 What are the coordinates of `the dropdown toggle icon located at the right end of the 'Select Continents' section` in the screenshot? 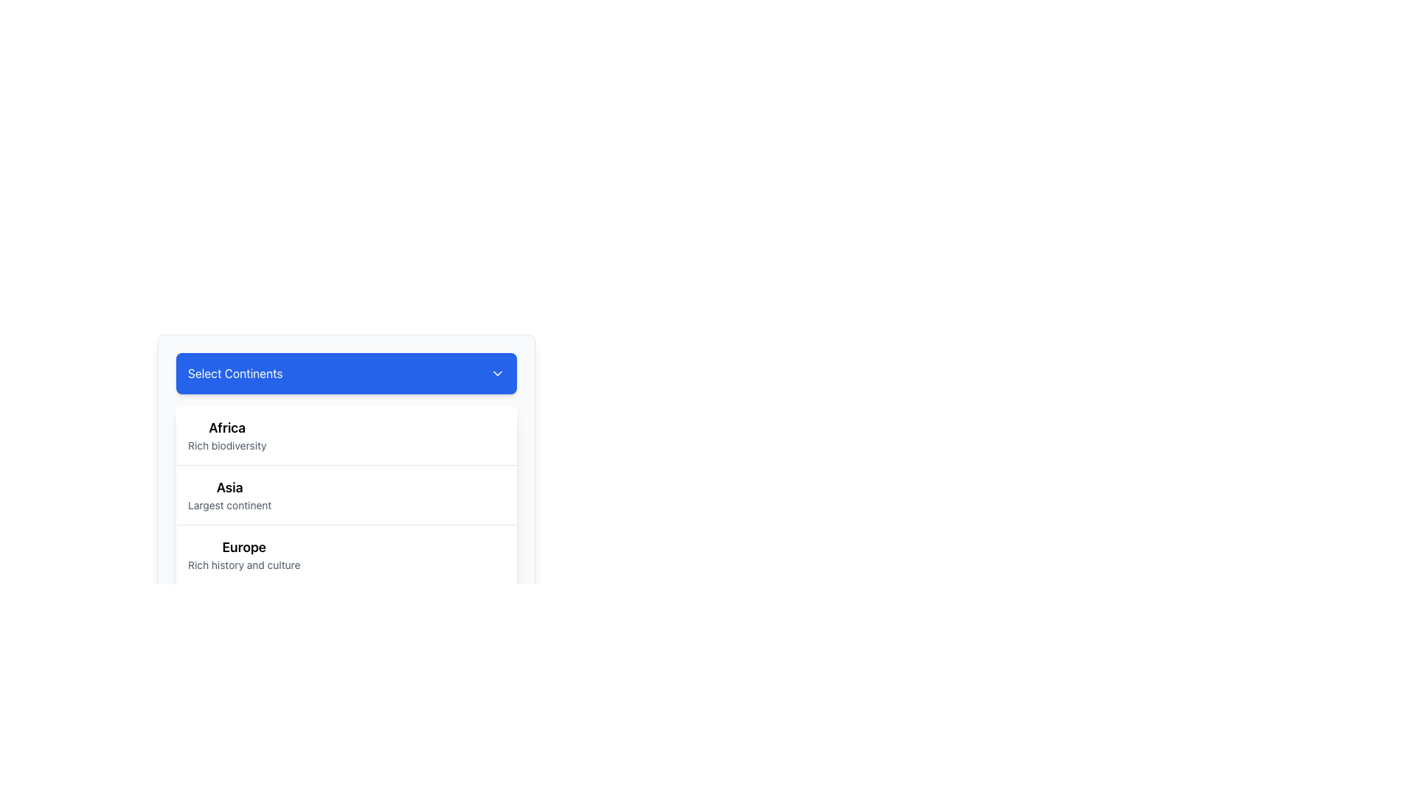 It's located at (498, 372).